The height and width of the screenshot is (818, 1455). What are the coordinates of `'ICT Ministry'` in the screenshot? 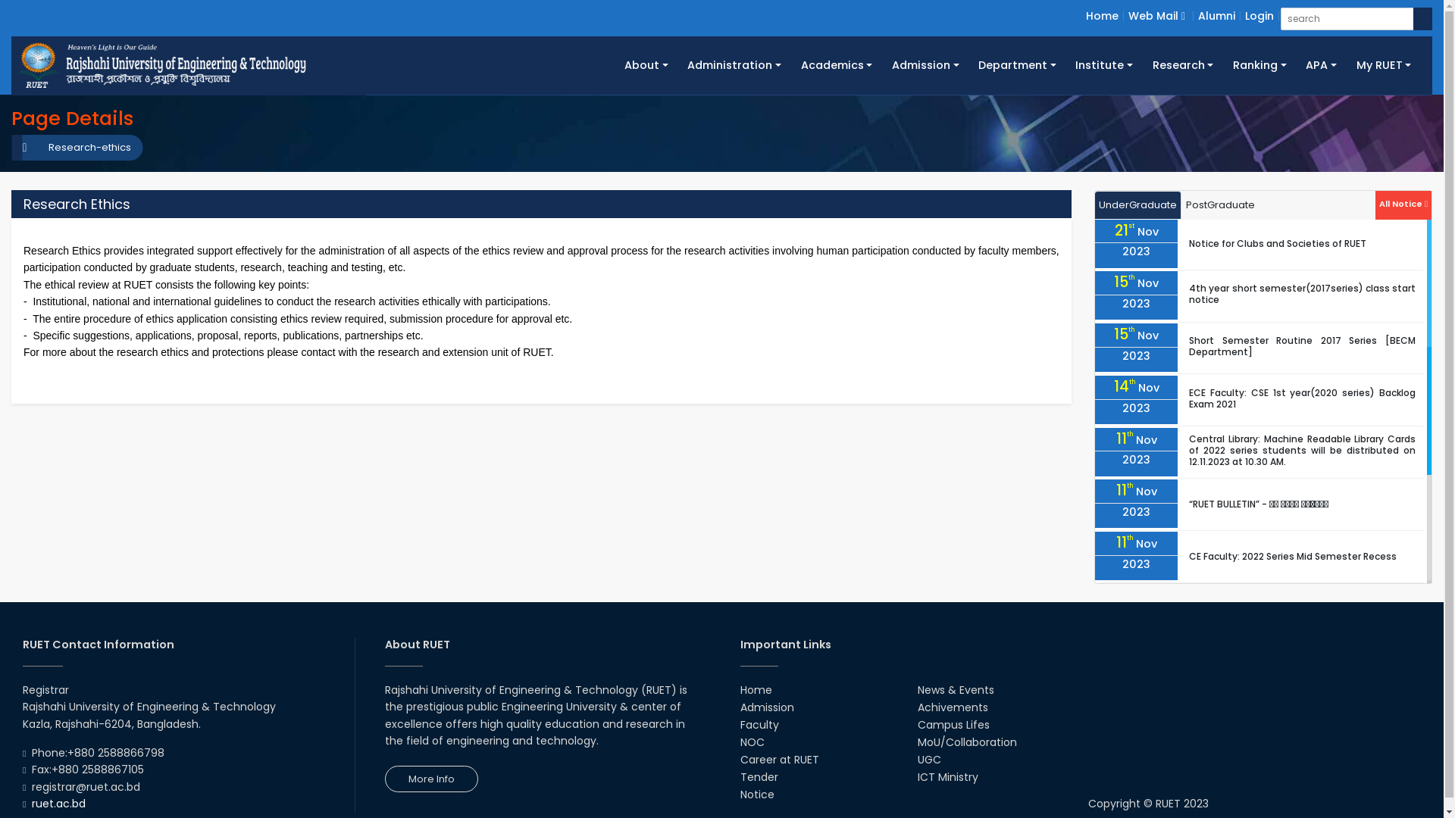 It's located at (947, 777).